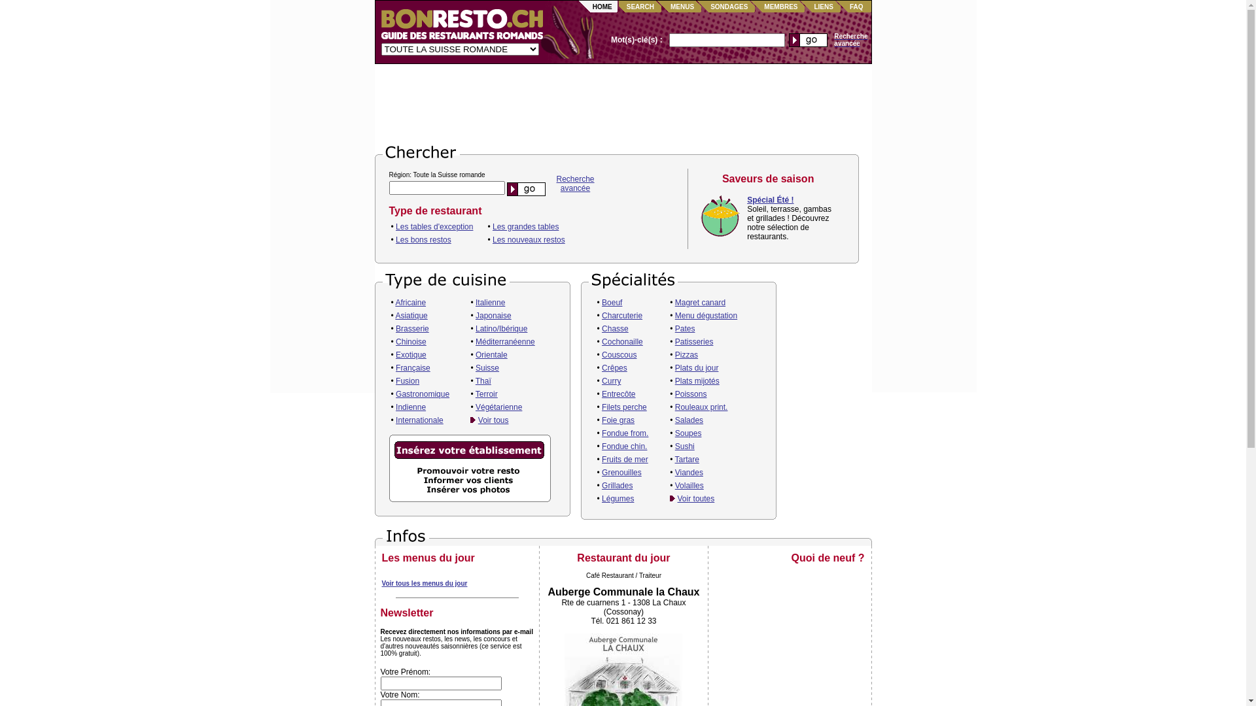 The width and height of the screenshot is (1256, 706). I want to click on 'Filets perche', so click(623, 407).